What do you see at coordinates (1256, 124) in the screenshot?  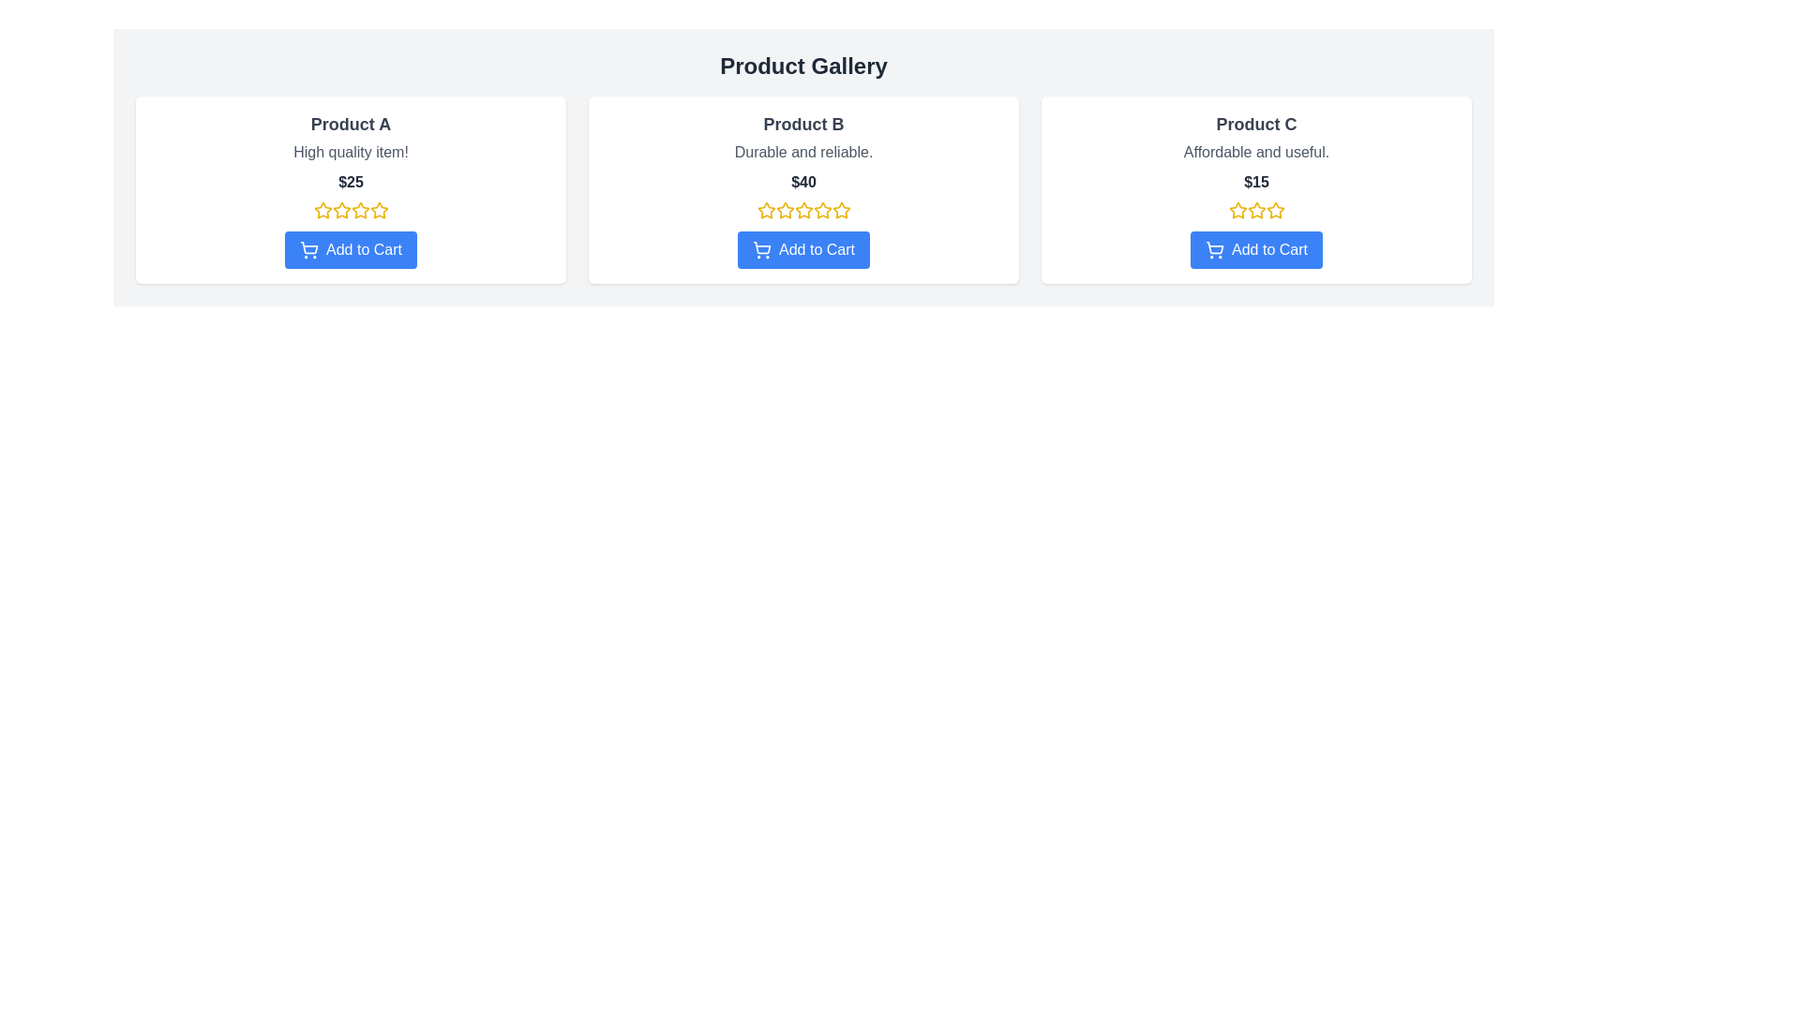 I see `the 'Product C' text label, which is a bold title at the top of the card in the rightmost column of the interface` at bounding box center [1256, 124].